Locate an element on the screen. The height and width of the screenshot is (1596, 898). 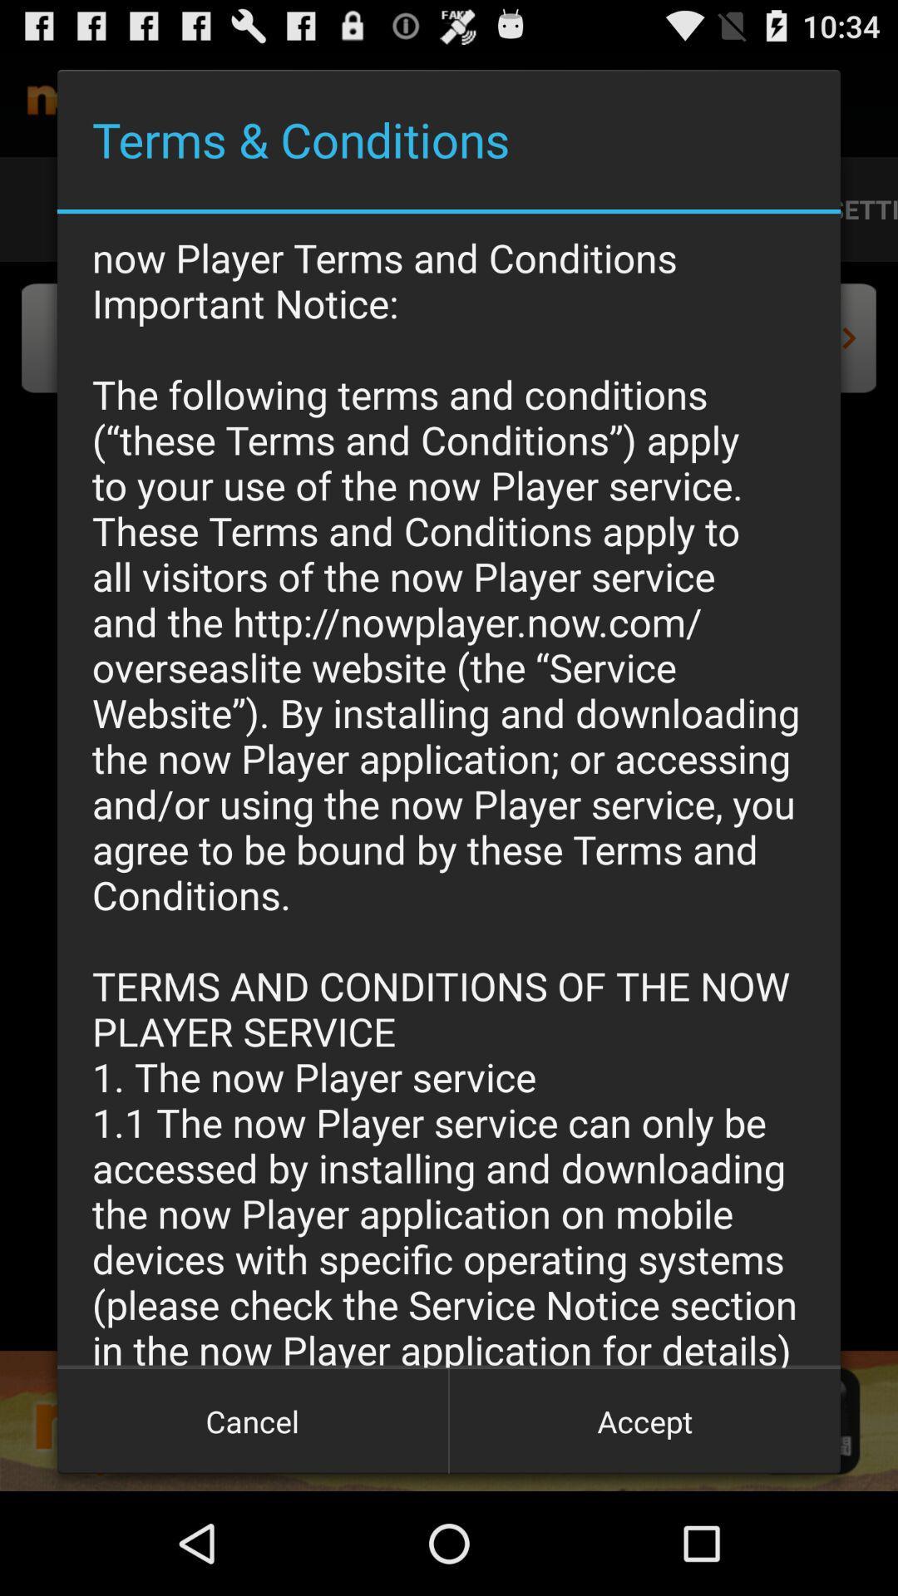
the item below the now player terms app is located at coordinates (644, 1420).